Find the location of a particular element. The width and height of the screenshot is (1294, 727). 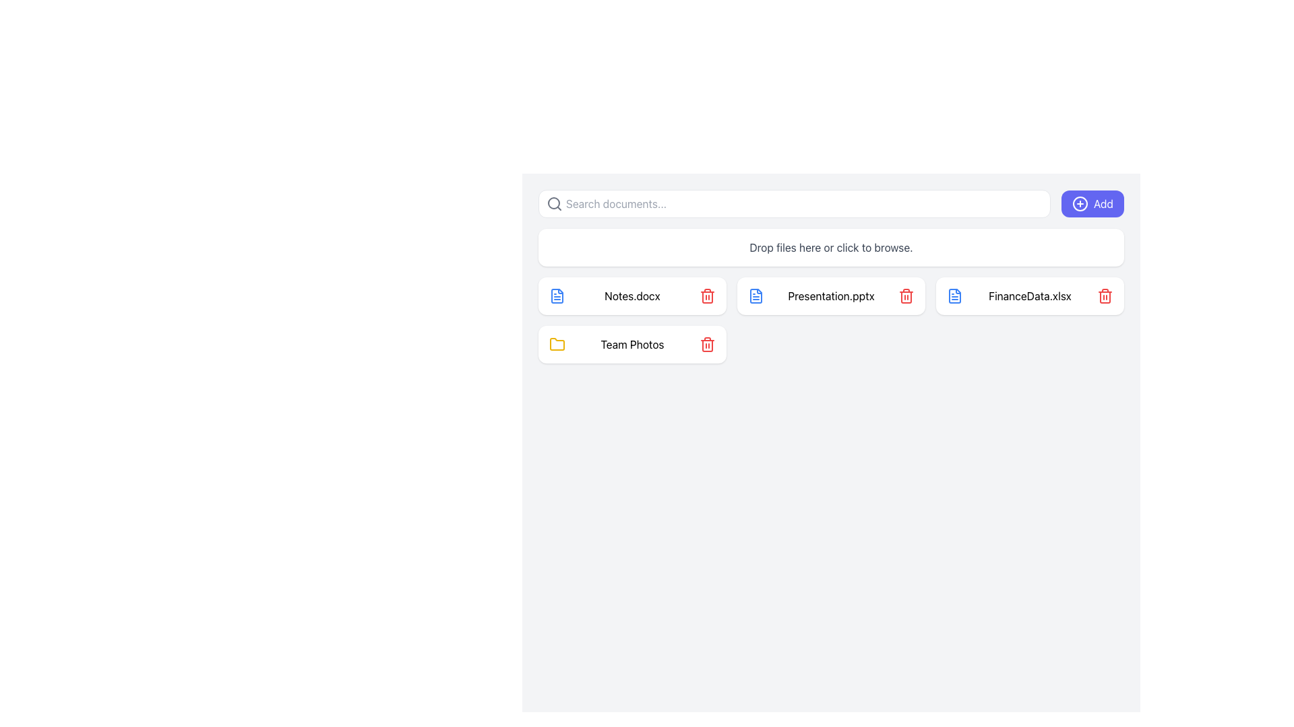

the magnifying glass icon located to the left of the 'Search documents...' input field to initiate a search action is located at coordinates (554, 204).